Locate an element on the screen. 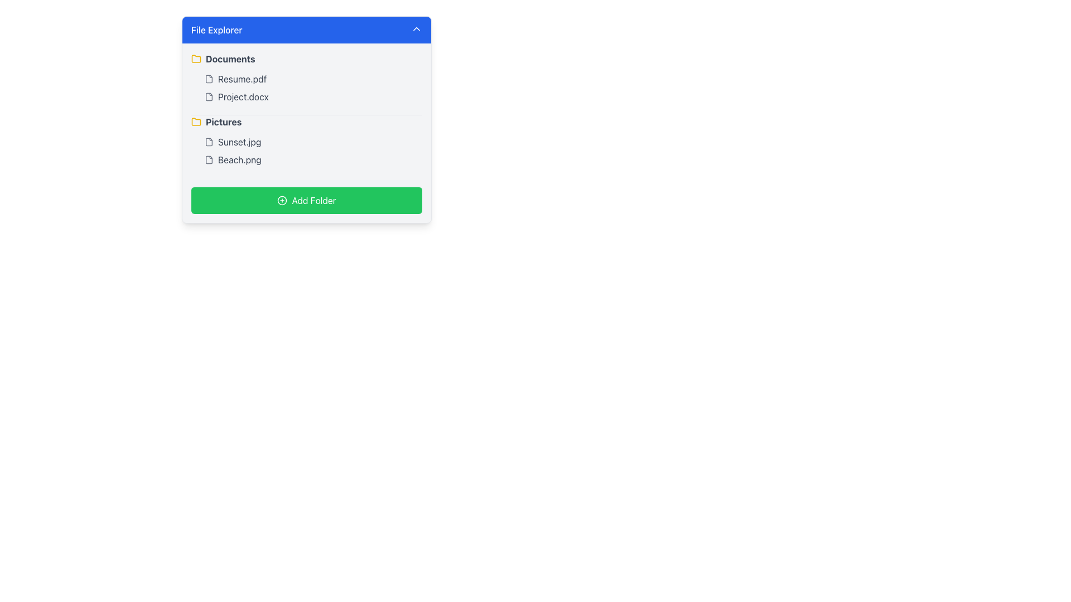 The width and height of the screenshot is (1071, 602). the File entry element displaying 'Project.docx', which is the second item in the 'Documents' section, located below 'Resume.pdf' is located at coordinates (312, 96).